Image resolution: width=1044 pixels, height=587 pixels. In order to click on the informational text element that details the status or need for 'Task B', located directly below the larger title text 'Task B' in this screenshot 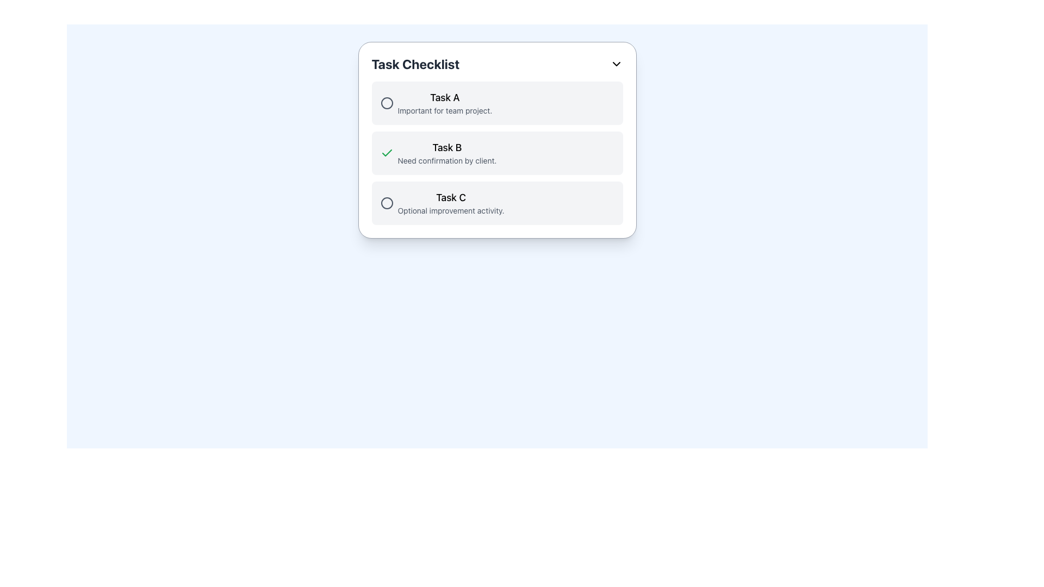, I will do `click(447, 161)`.